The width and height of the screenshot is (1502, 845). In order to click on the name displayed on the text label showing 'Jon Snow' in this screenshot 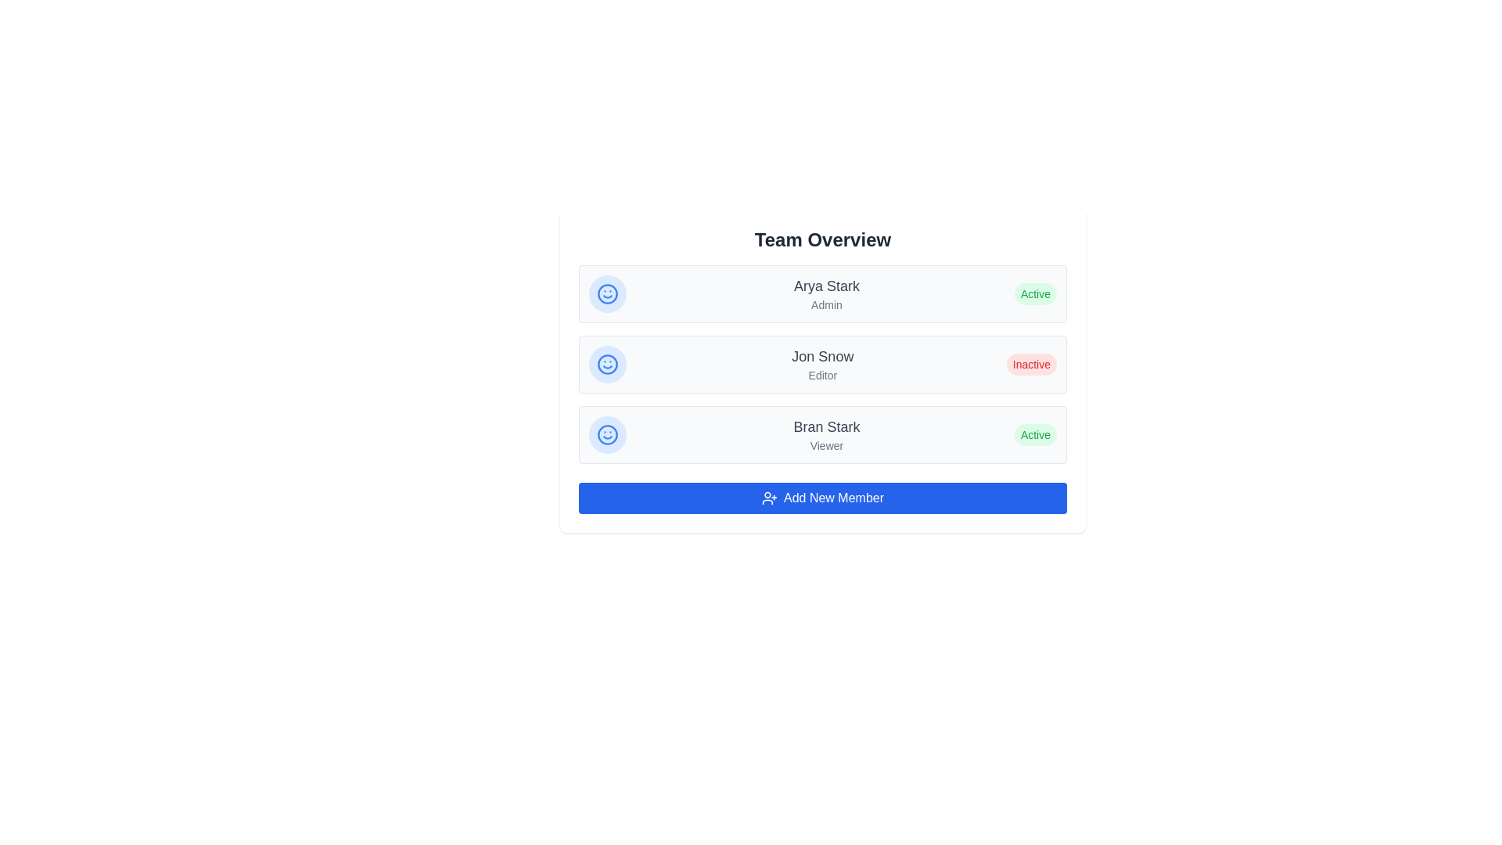, I will do `click(821, 356)`.